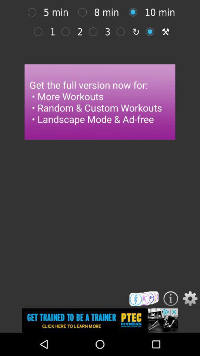  I want to click on choose 8 minutes, so click(33, 12).